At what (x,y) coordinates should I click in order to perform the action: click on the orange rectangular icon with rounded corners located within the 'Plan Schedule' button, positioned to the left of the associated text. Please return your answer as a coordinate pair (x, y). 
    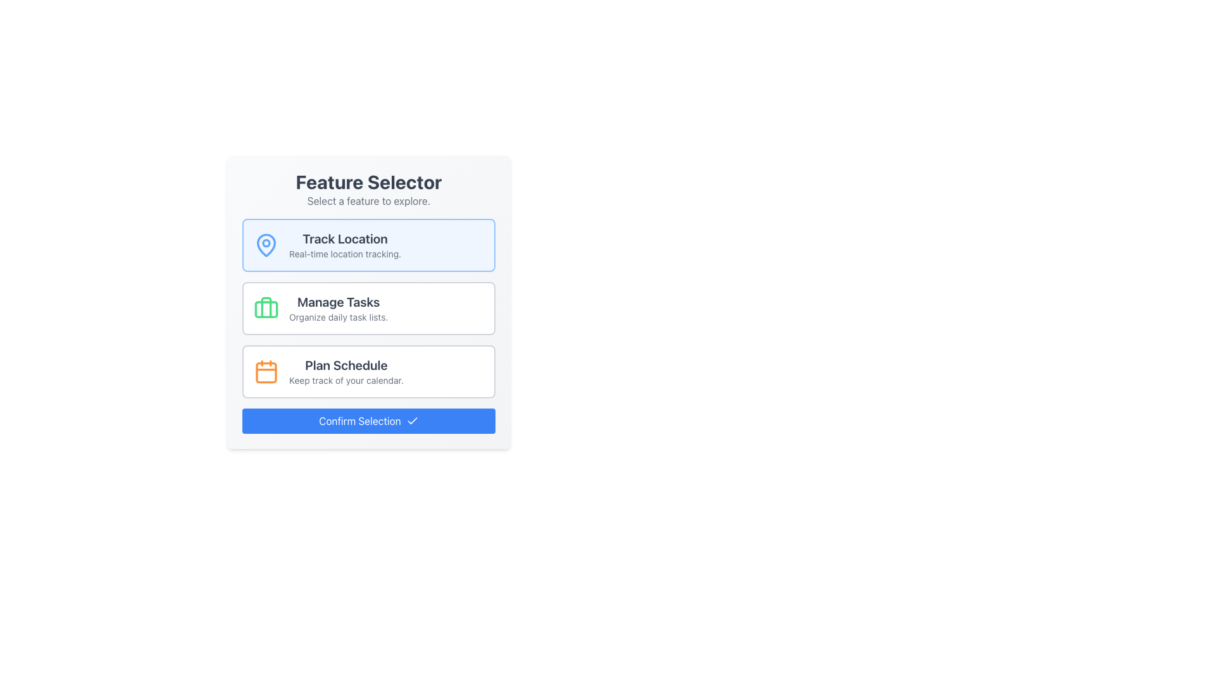
    Looking at the image, I should click on (266, 372).